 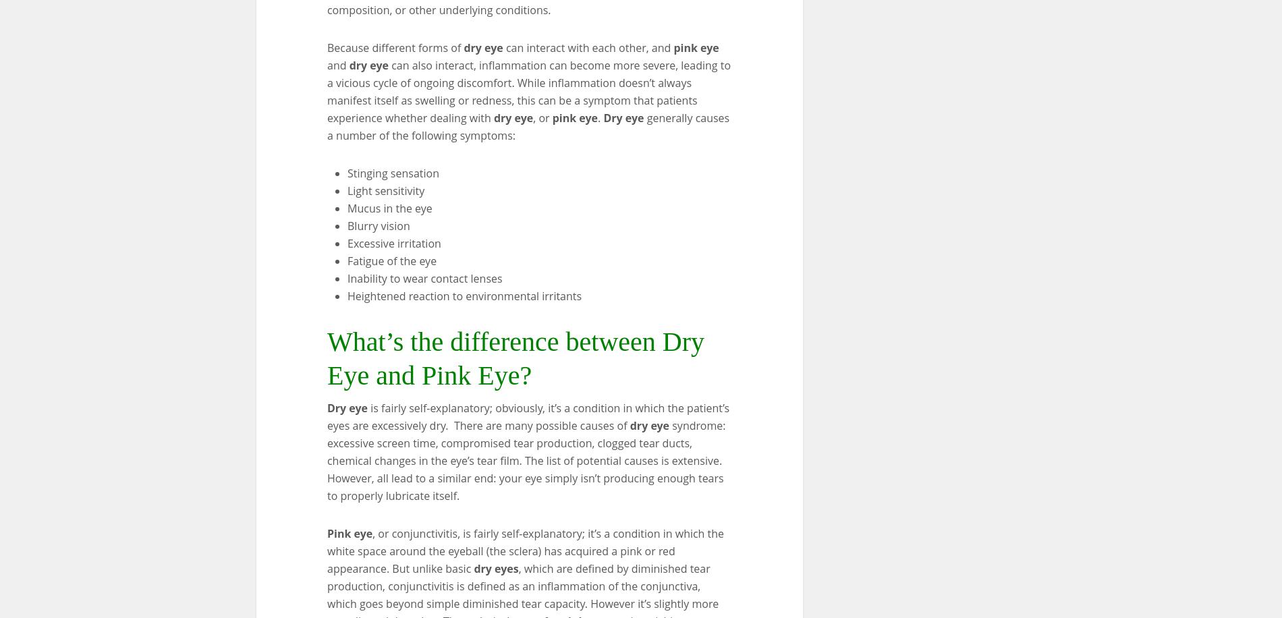 I want to click on 'can interact with each other, and', so click(x=587, y=46).